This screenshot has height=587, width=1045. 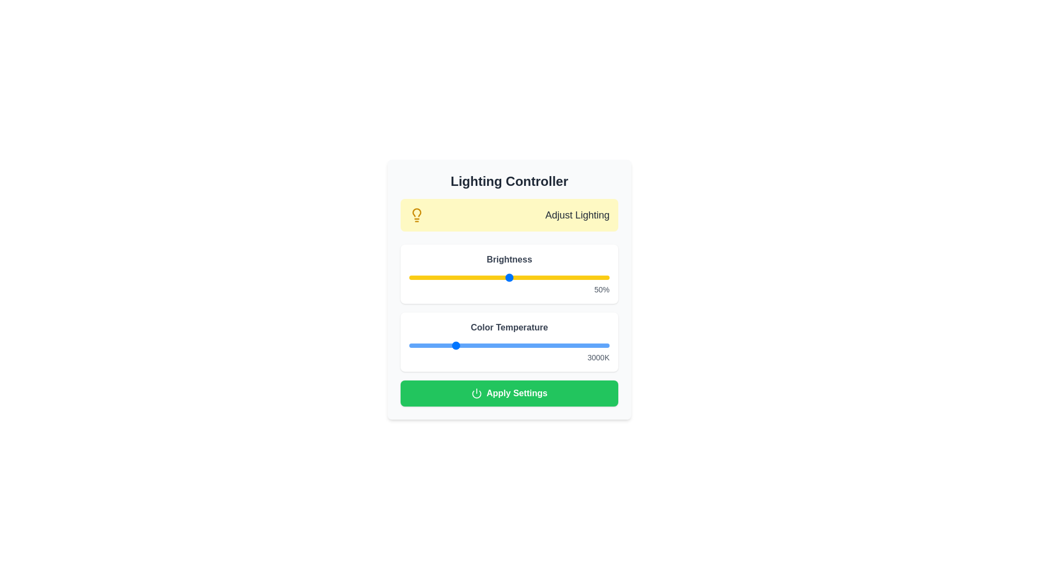 I want to click on the color temperature slider to 9159 K, so click(x=590, y=346).